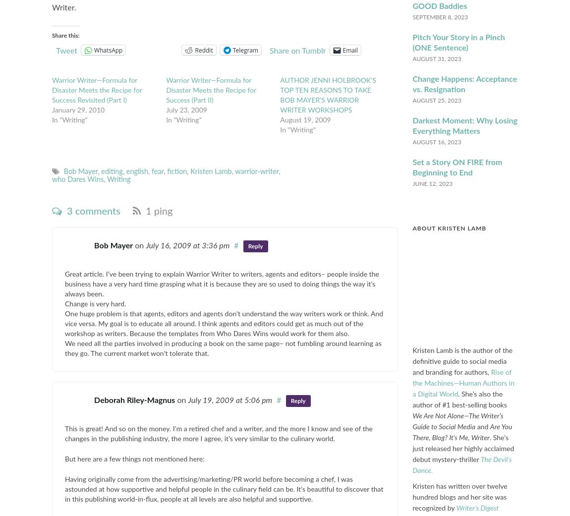 This screenshot has width=570, height=516. Describe the element at coordinates (462, 432) in the screenshot. I see `'Are You There, Blog? It’s Me, Writer'` at that location.